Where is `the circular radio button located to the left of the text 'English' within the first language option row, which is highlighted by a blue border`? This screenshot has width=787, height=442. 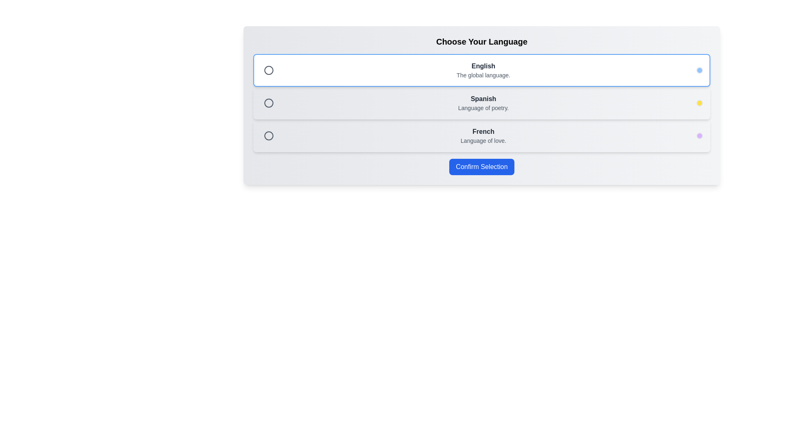
the circular radio button located to the left of the text 'English' within the first language option row, which is highlighted by a blue border is located at coordinates (269, 70).